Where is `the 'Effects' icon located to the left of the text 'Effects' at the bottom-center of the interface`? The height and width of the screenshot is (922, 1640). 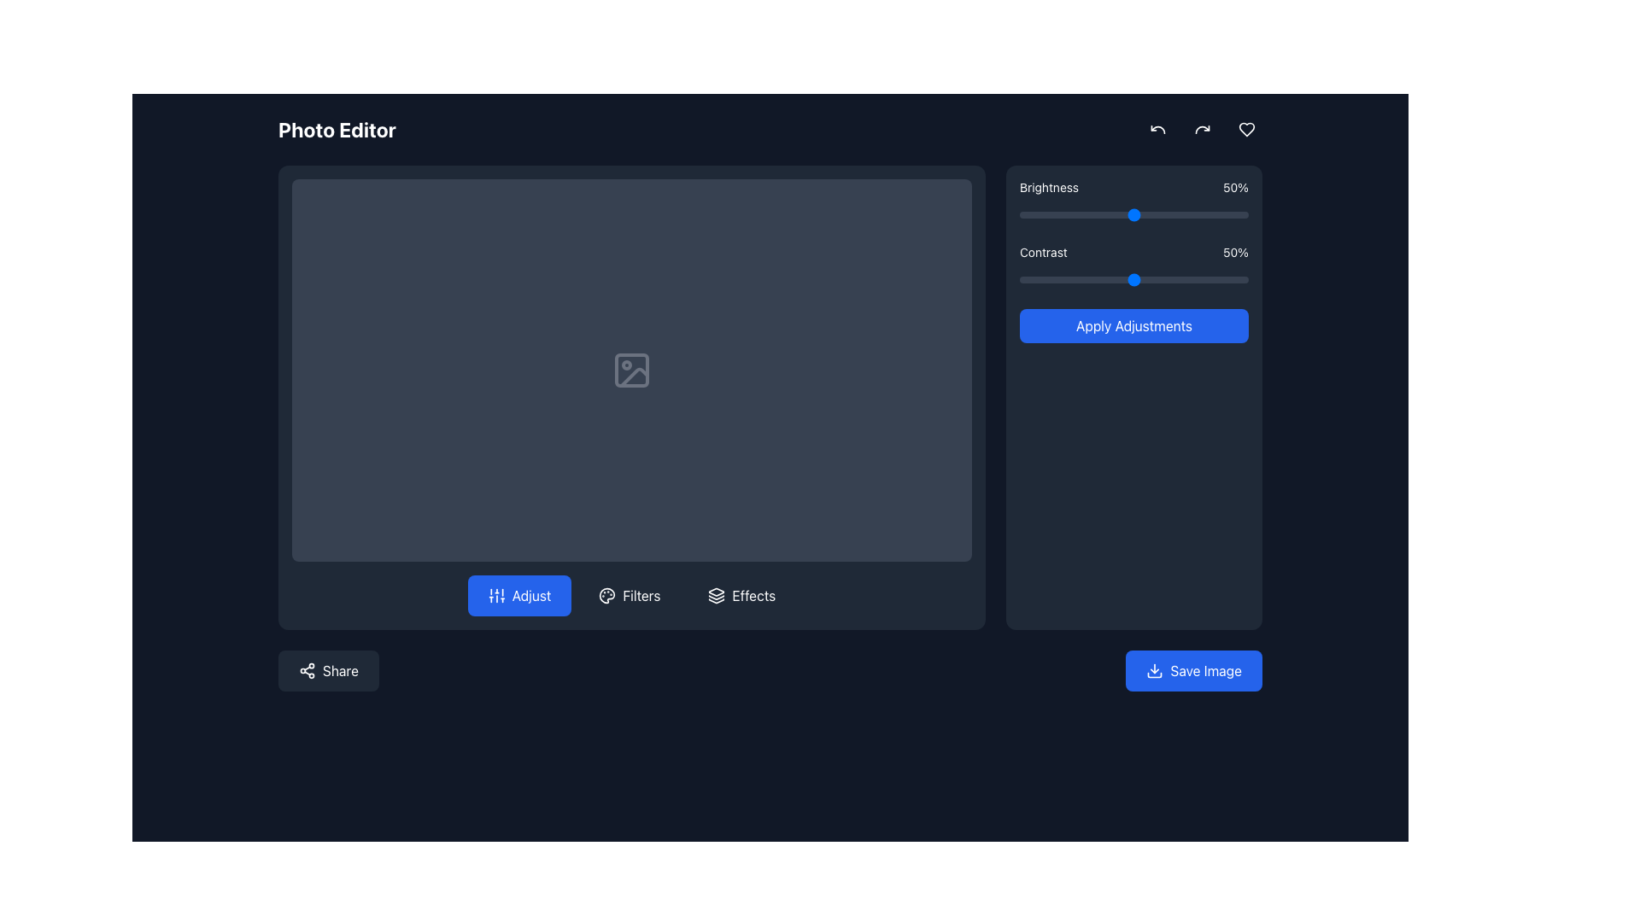 the 'Effects' icon located to the left of the text 'Effects' at the bottom-center of the interface is located at coordinates (717, 594).